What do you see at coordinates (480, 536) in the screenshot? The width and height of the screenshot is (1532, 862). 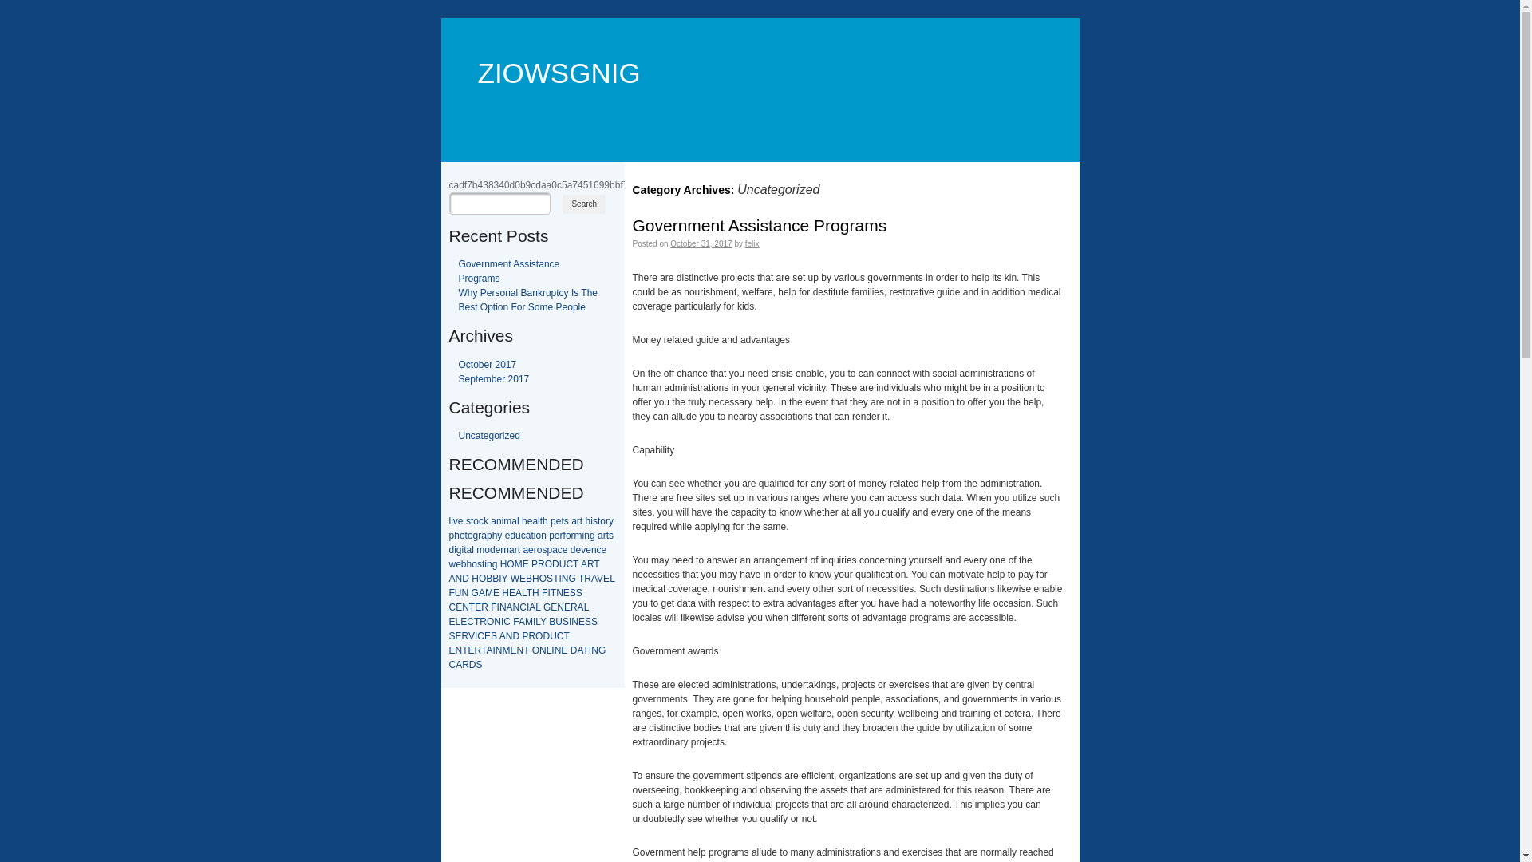 I see `'a'` at bounding box center [480, 536].